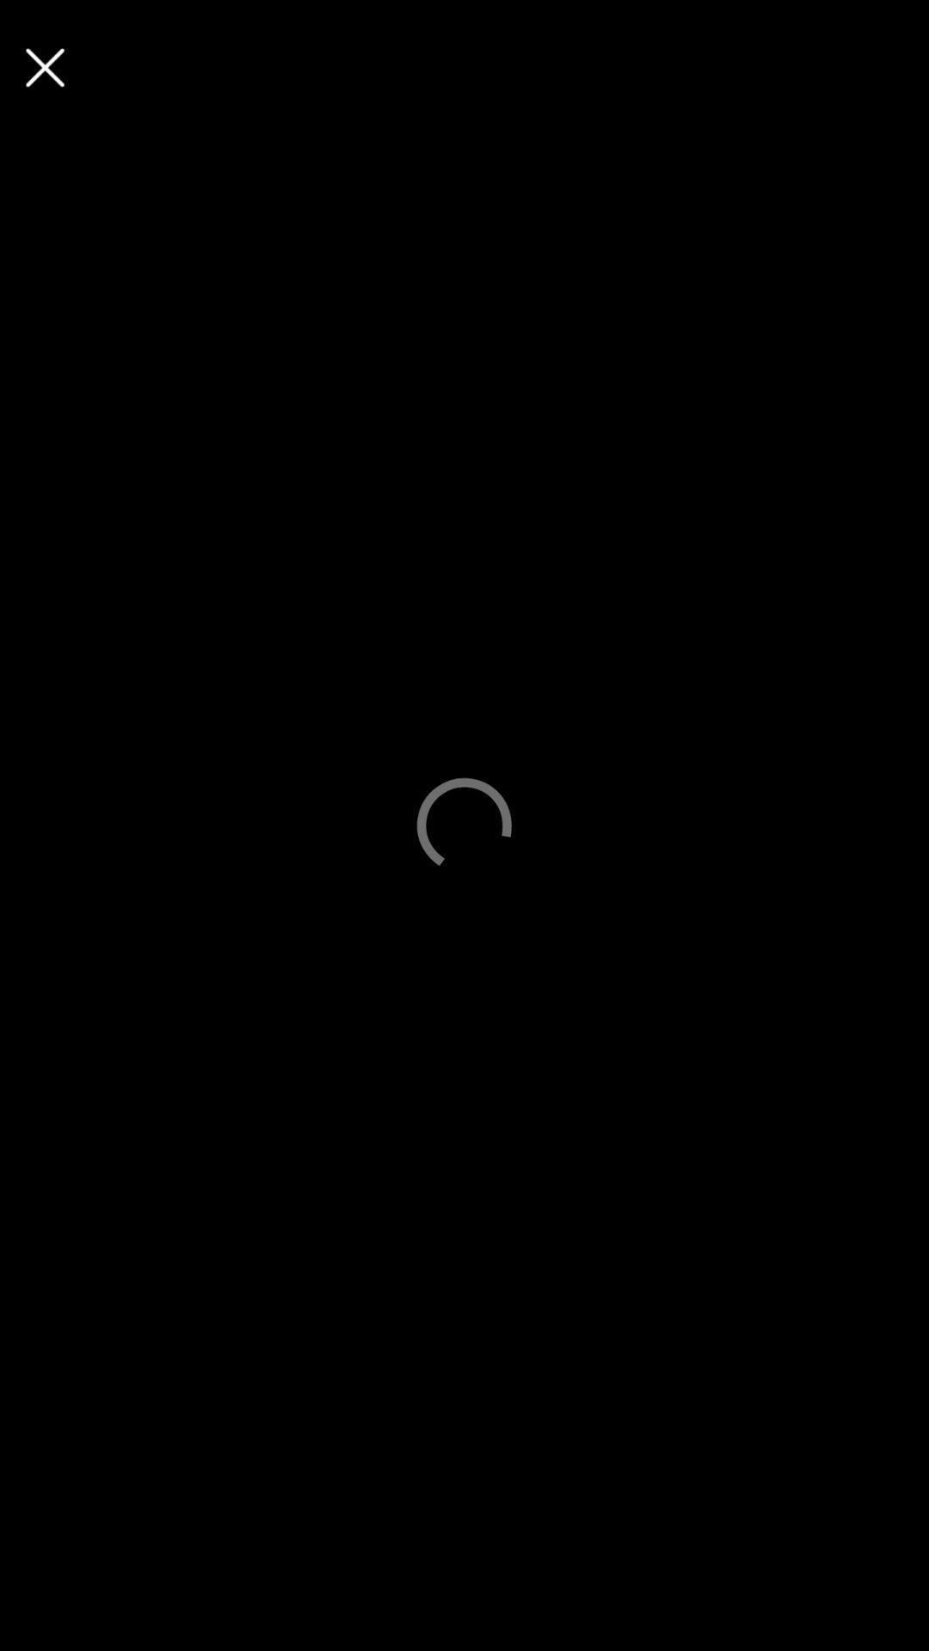 This screenshot has height=1651, width=929. I want to click on the page, so click(44, 67).